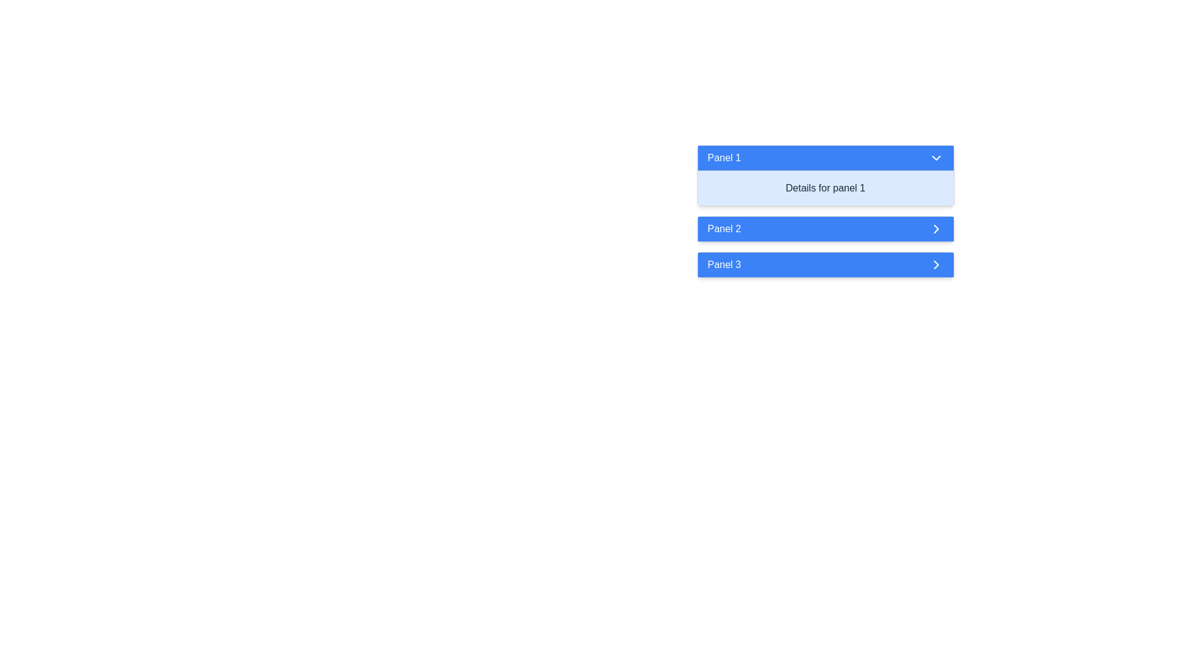  Describe the element at coordinates (936, 264) in the screenshot. I see `the chevron icon located on the far right side of the 'Panel 3' button` at that location.